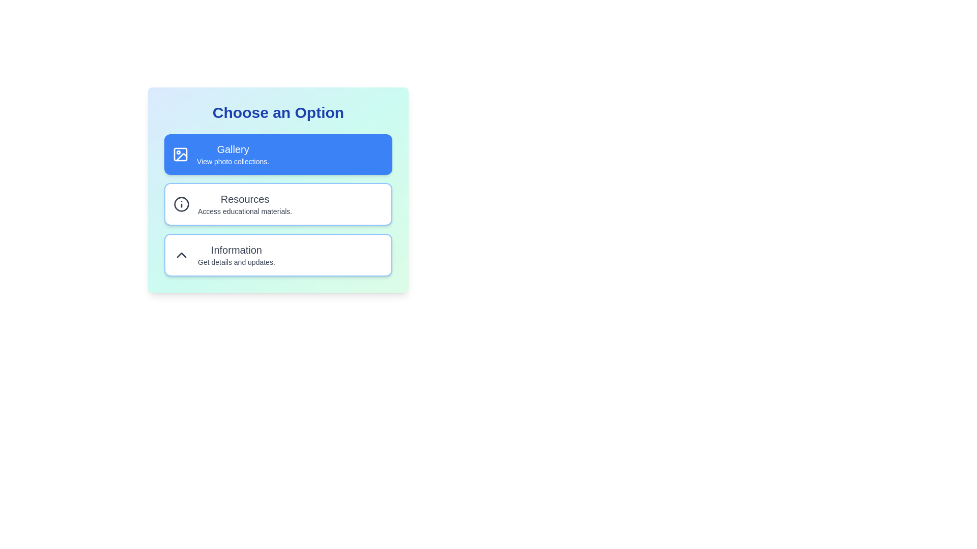 This screenshot has width=977, height=549. Describe the element at coordinates (278, 205) in the screenshot. I see `the second interactive card in the vertical stack, positioned below the 'Gallery' card and above the 'Information' card, to observe interactions like scaling` at that location.